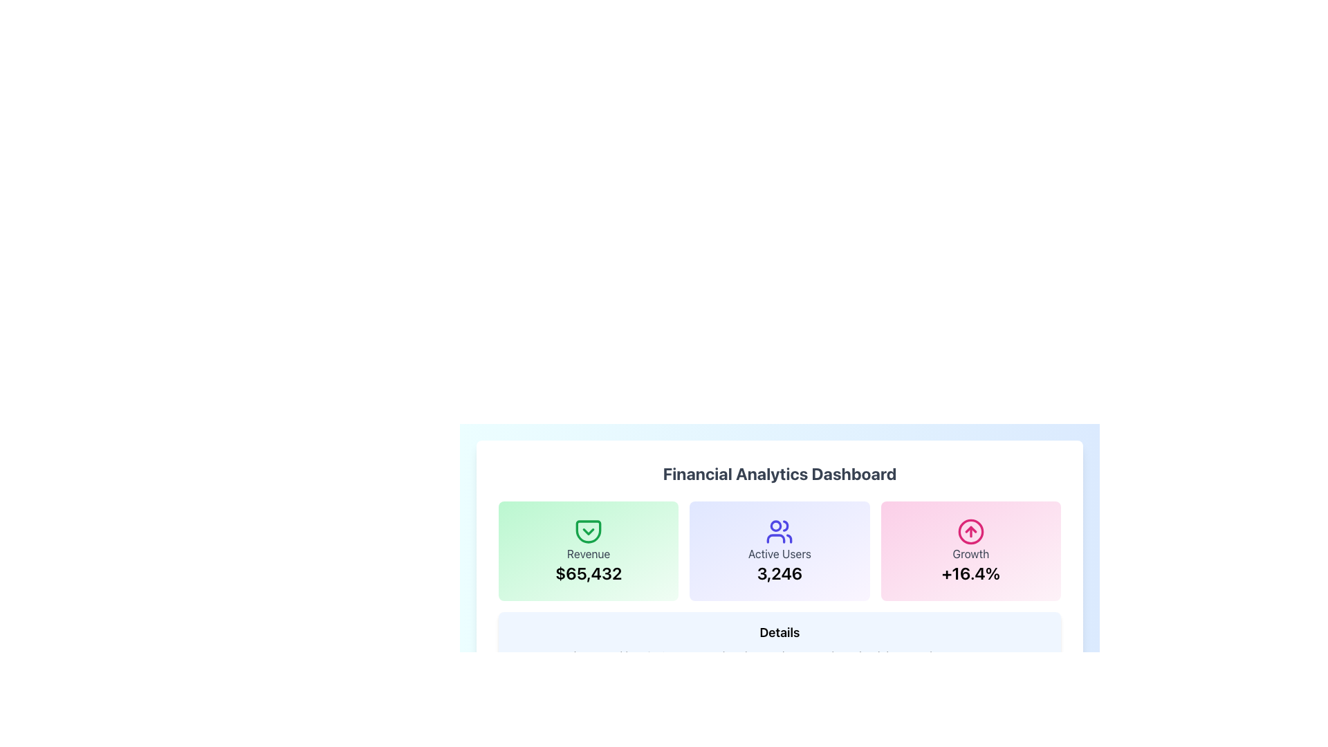  Describe the element at coordinates (970, 573) in the screenshot. I see `the bold numerical text displaying +16.4% located at the bottom center of the pink card labeled 'Growth'` at that location.